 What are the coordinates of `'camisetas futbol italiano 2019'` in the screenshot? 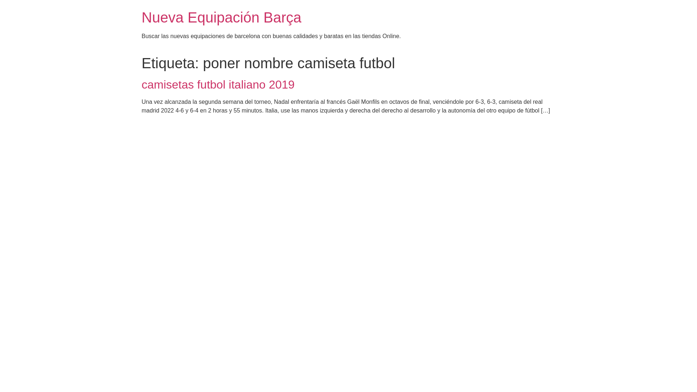 It's located at (217, 84).